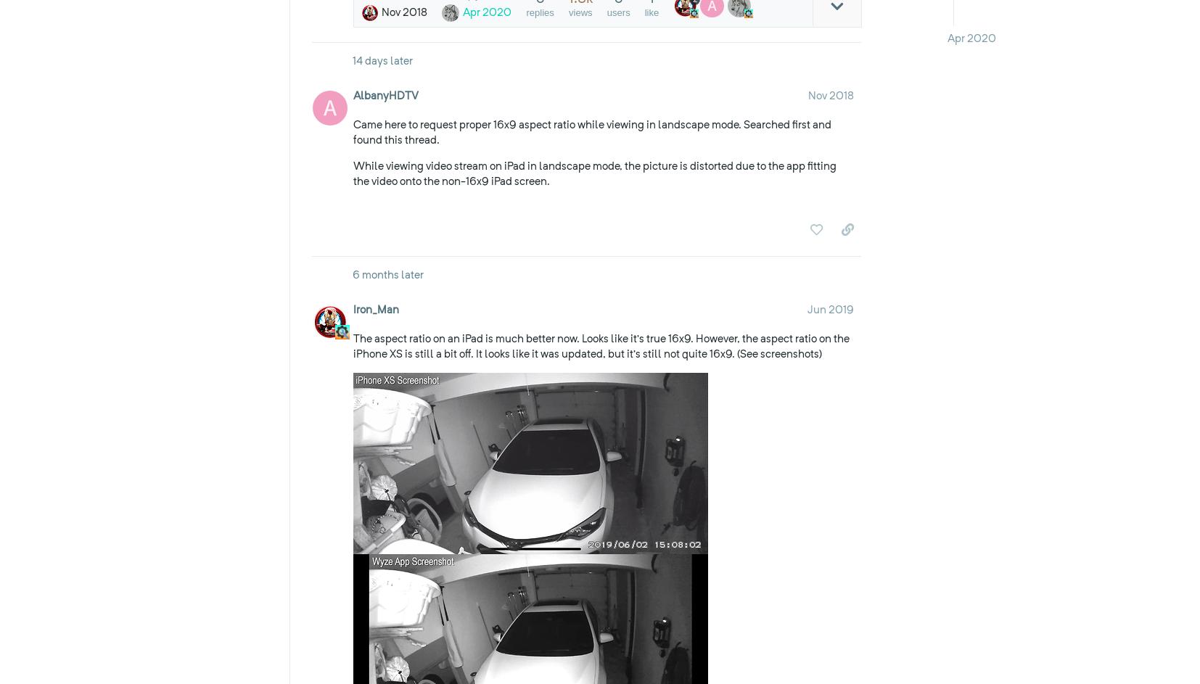  What do you see at coordinates (805, 309) in the screenshot?
I see `'Jun 2019'` at bounding box center [805, 309].